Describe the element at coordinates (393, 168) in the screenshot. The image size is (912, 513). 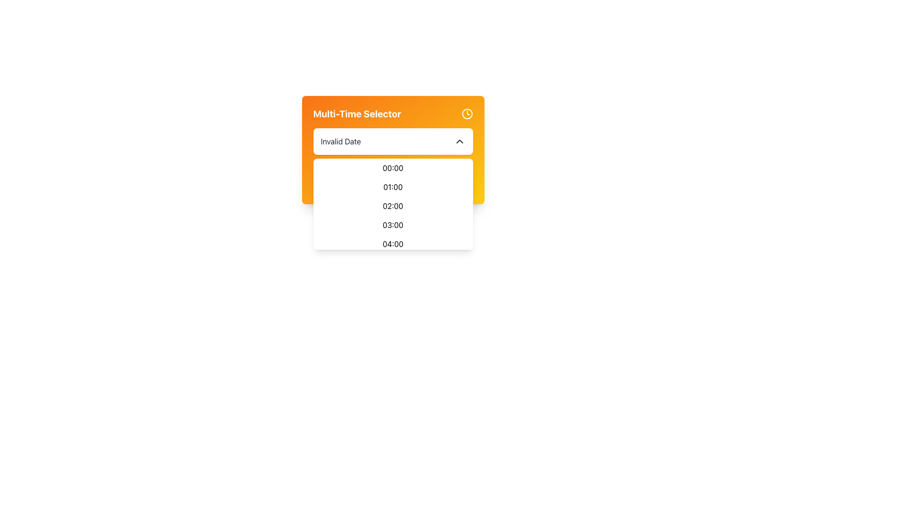
I see `the first selectable time value '00:00' in the dropdown menu` at that location.